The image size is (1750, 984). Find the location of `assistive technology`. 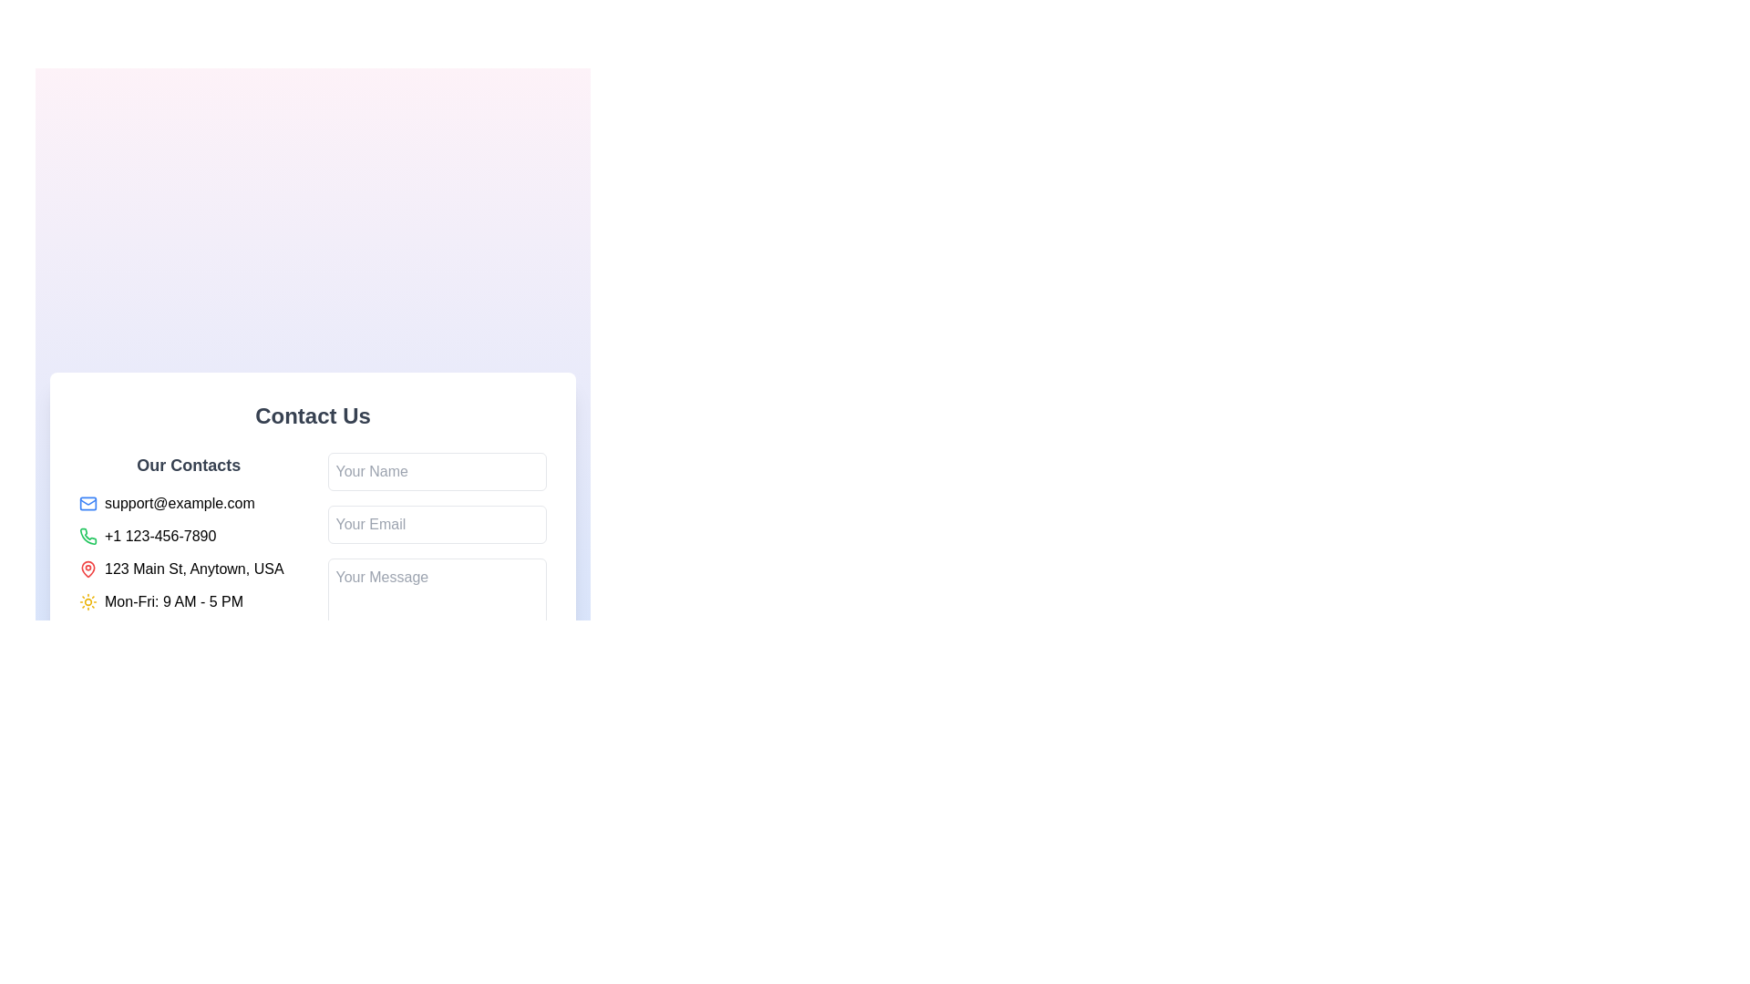

assistive technology is located at coordinates (87, 600).